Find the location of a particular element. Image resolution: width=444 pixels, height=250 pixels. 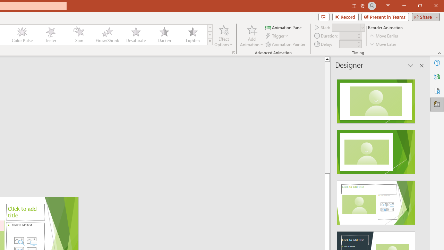

'Translator' is located at coordinates (437, 77).